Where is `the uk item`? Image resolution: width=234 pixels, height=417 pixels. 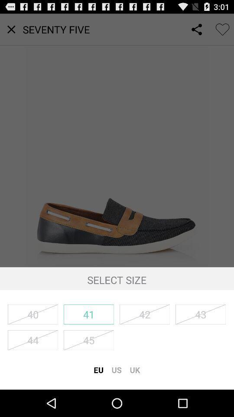
the uk item is located at coordinates (135, 369).